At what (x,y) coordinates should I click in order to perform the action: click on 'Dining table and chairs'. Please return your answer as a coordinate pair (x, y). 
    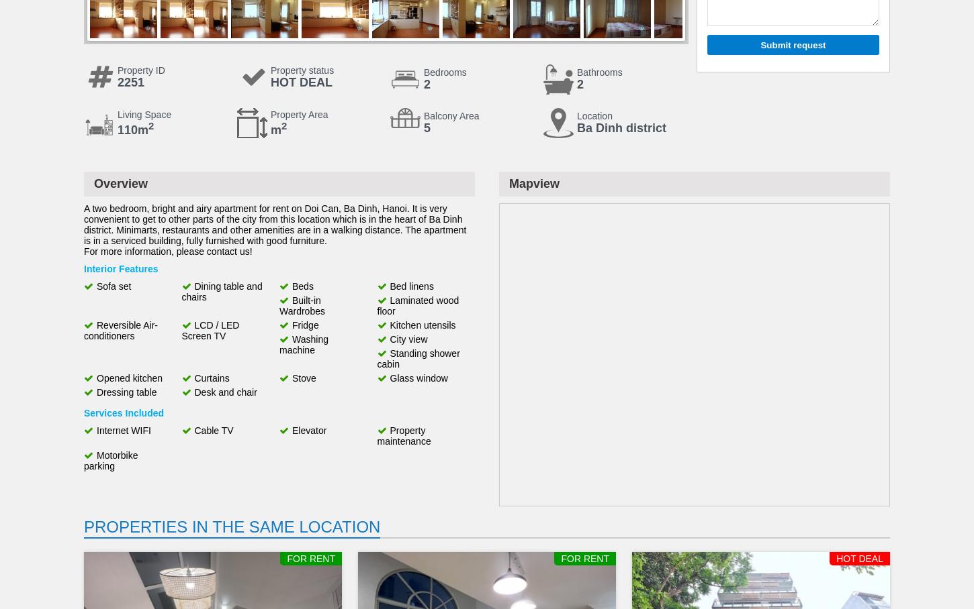
    Looking at the image, I should click on (222, 292).